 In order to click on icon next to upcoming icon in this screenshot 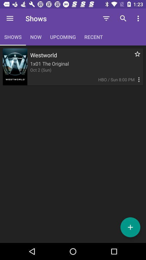, I will do `click(106, 18)`.